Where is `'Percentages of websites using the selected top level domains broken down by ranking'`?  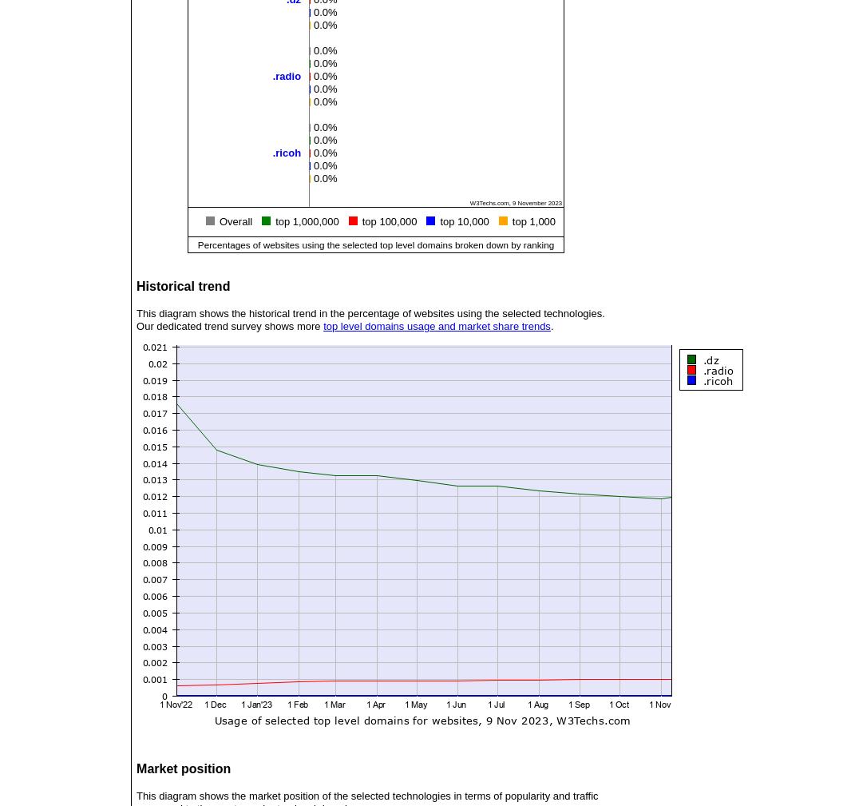
'Percentages of websites using the selected top level domains broken down by ranking' is located at coordinates (374, 243).